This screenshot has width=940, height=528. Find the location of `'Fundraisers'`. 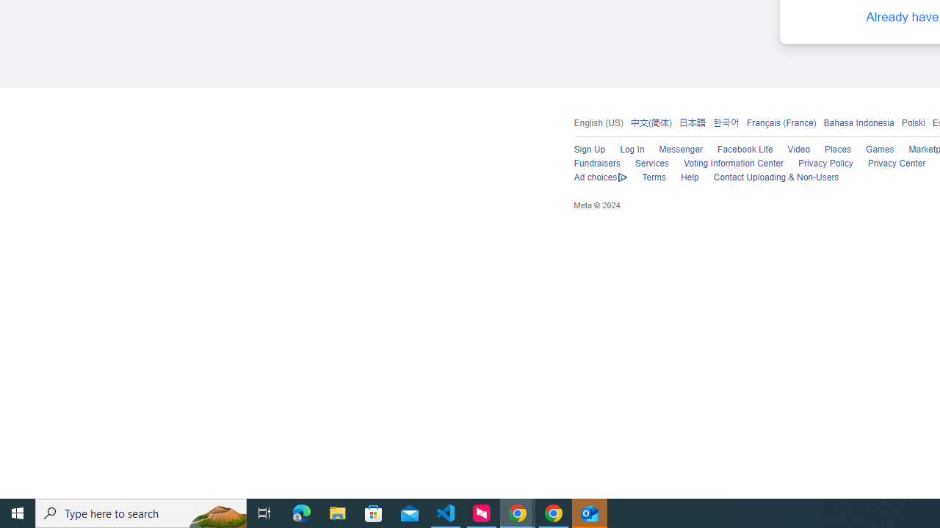

'Fundraisers' is located at coordinates (596, 164).